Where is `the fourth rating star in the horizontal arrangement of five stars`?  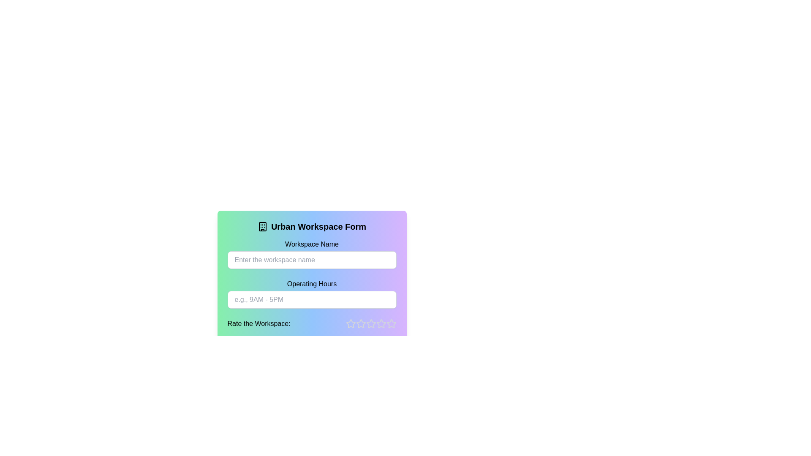
the fourth rating star in the horizontal arrangement of five stars is located at coordinates (381, 323).